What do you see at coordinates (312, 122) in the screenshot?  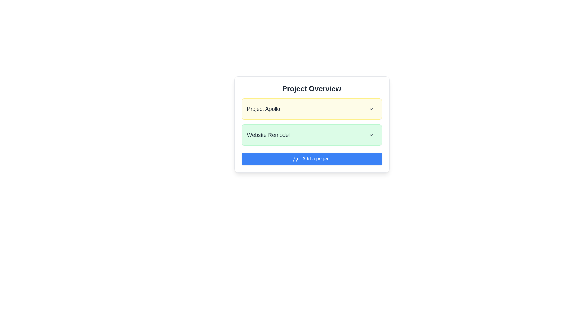 I see `the 'Project Apollo' block in the list of selectable items for rearranging its order, located below the title 'Project Overview' and above the blue 'Add a project' button` at bounding box center [312, 122].